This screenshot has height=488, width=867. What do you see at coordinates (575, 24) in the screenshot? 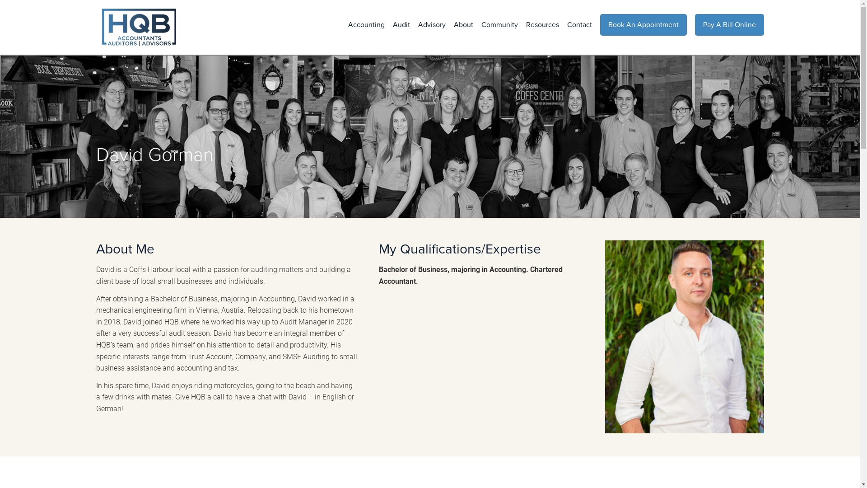
I see `'Contact'` at bounding box center [575, 24].